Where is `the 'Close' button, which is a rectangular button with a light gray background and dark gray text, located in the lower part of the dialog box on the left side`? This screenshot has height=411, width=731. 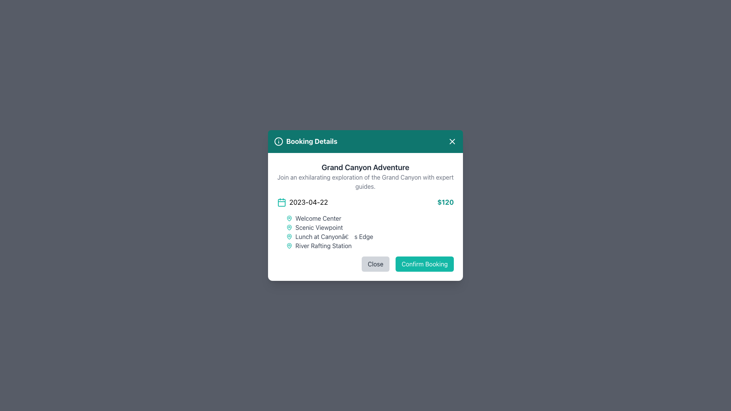
the 'Close' button, which is a rectangular button with a light gray background and dark gray text, located in the lower part of the dialog box on the left side is located at coordinates (375, 264).